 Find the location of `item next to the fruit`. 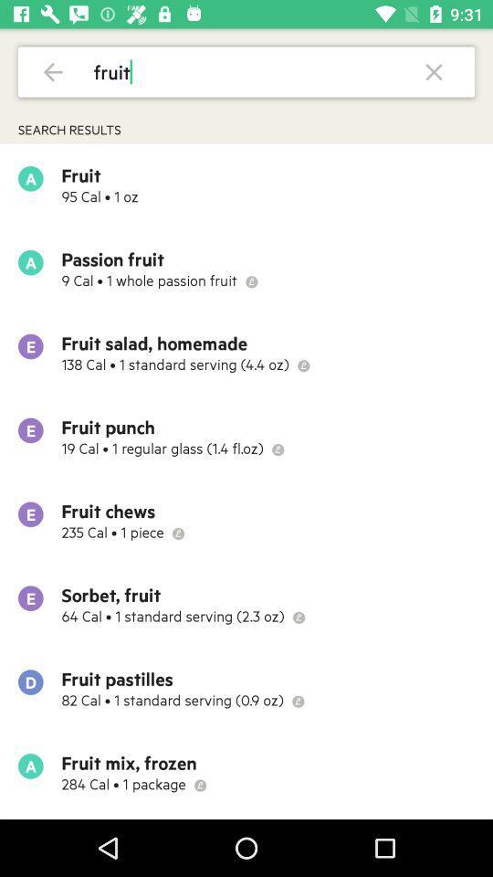

item next to the fruit is located at coordinates (53, 71).